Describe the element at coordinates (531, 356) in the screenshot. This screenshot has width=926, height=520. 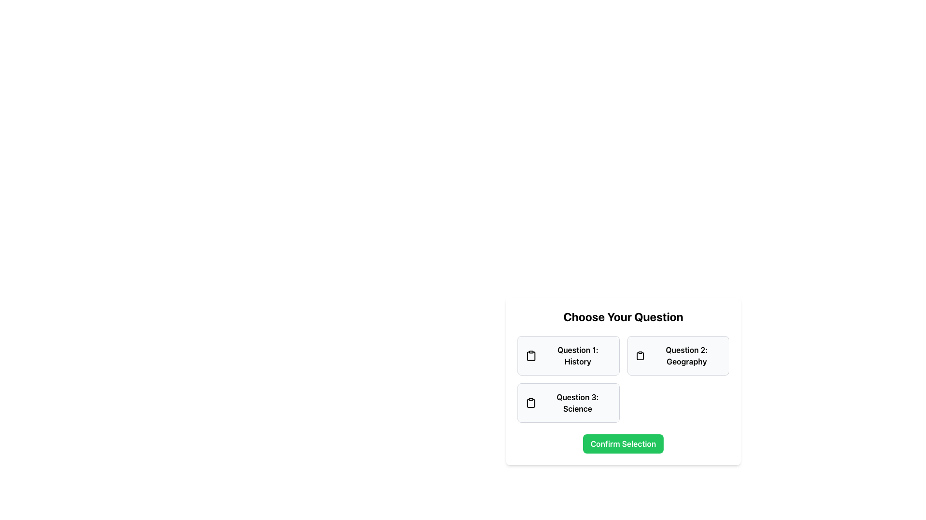
I see `the clipboard icon, which is part of the 'Question 1: History' card, located on the left side of the card with rounded corners and two horizontal lines at the top` at that location.